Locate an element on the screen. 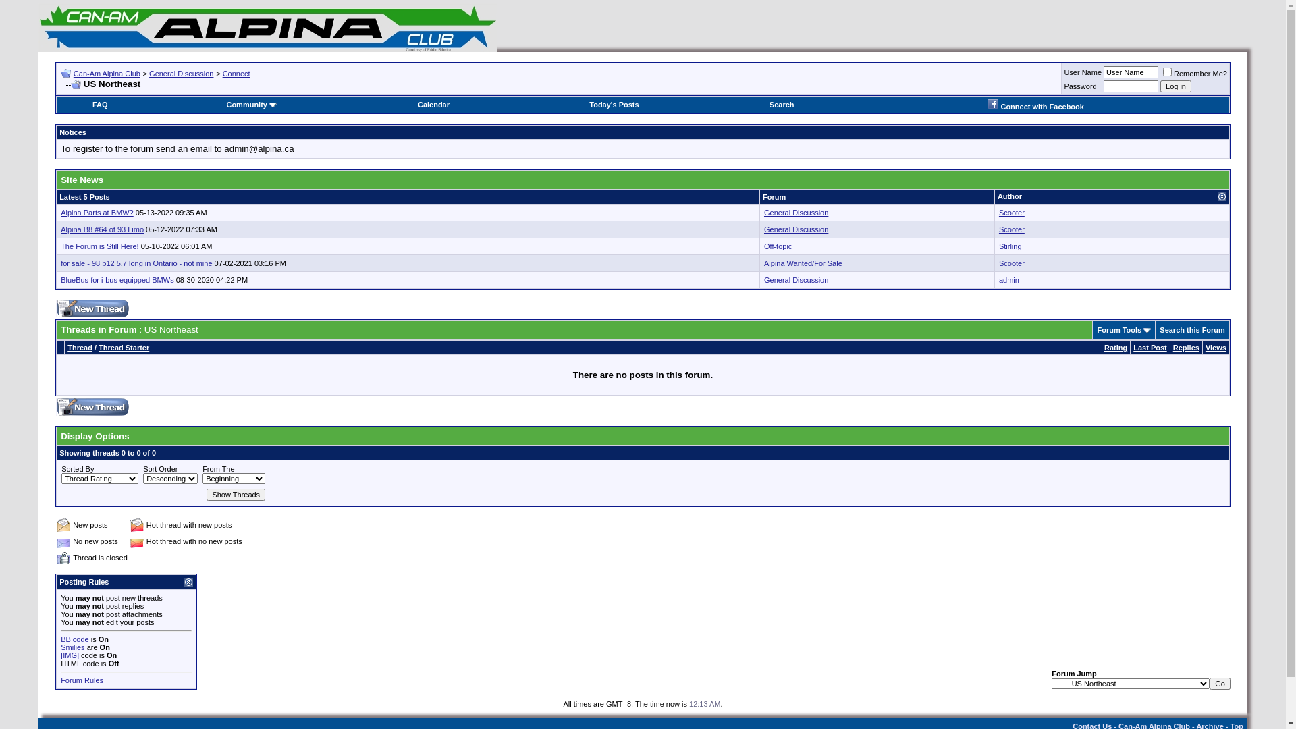 The image size is (1296, 729). 'Scooter' is located at coordinates (1011, 213).